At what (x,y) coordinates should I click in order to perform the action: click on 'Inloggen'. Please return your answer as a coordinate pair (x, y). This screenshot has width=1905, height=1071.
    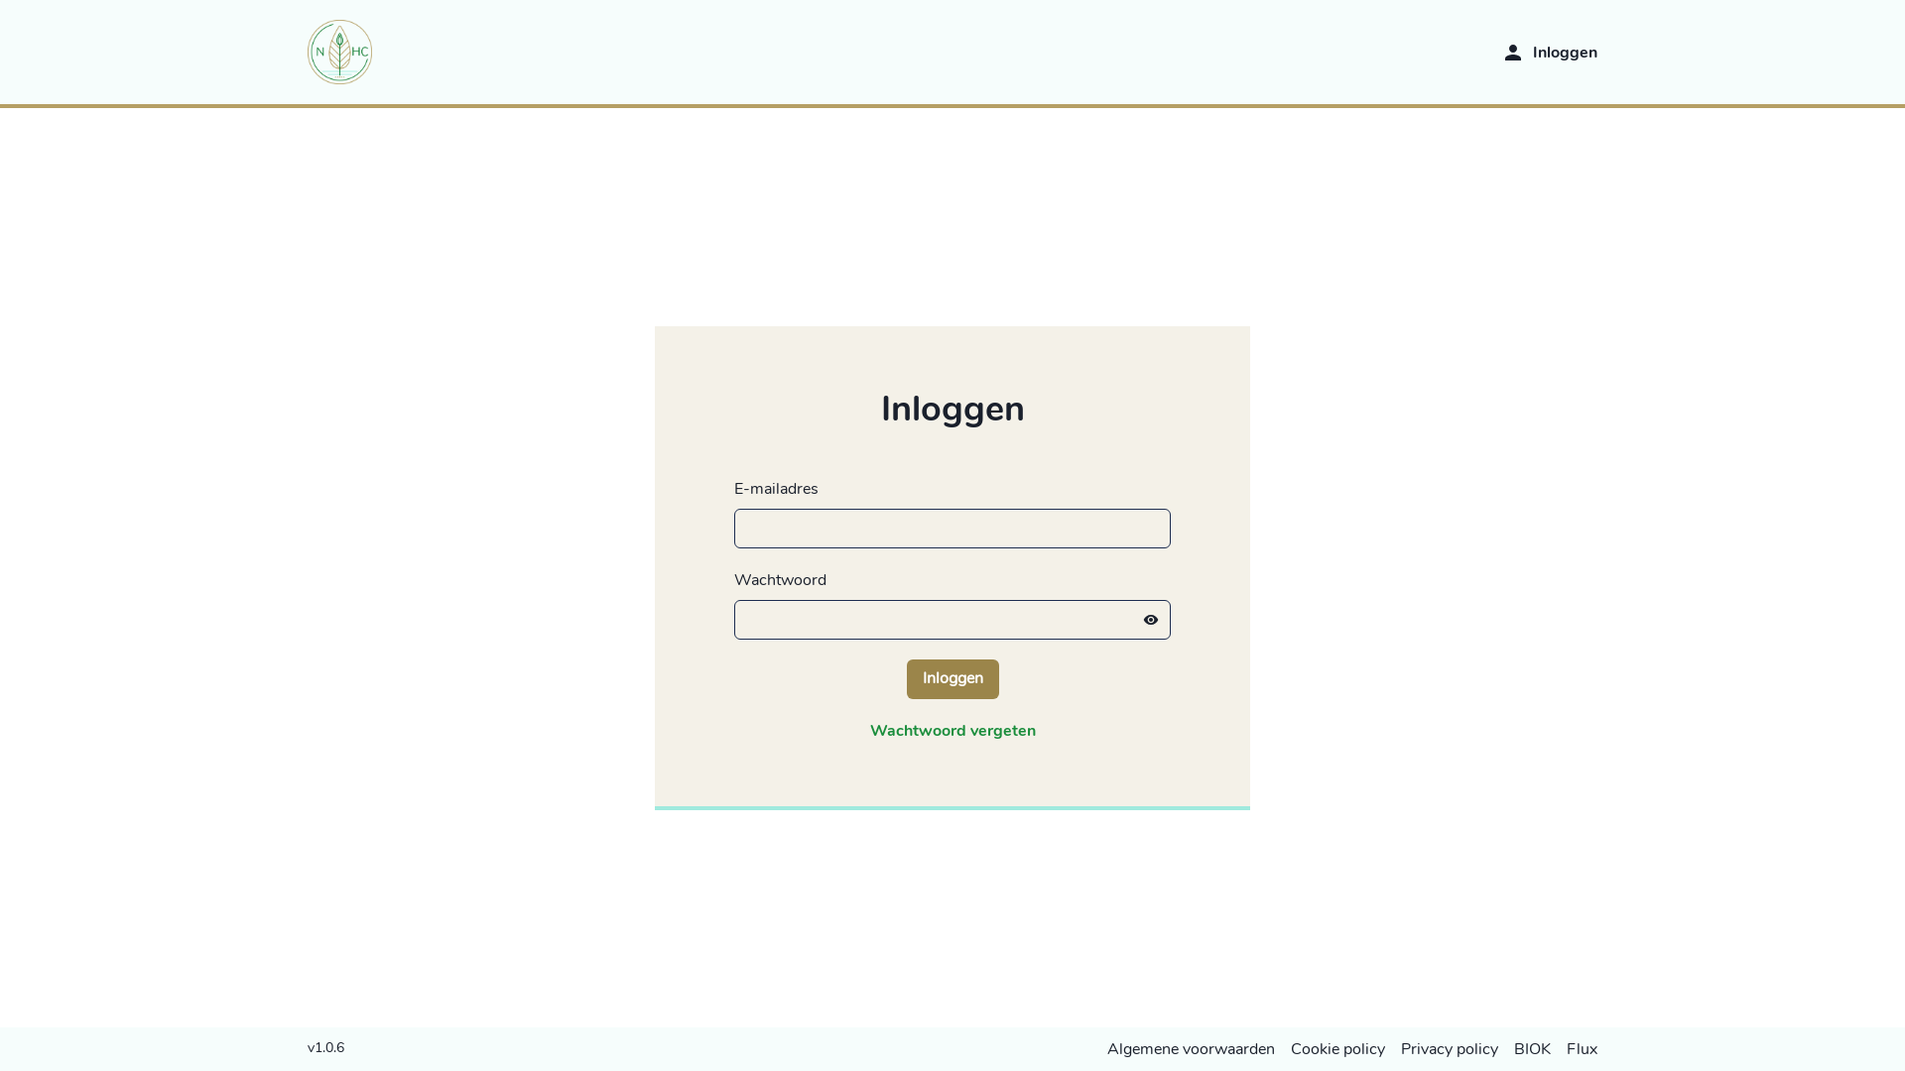
    Looking at the image, I should click on (1564, 52).